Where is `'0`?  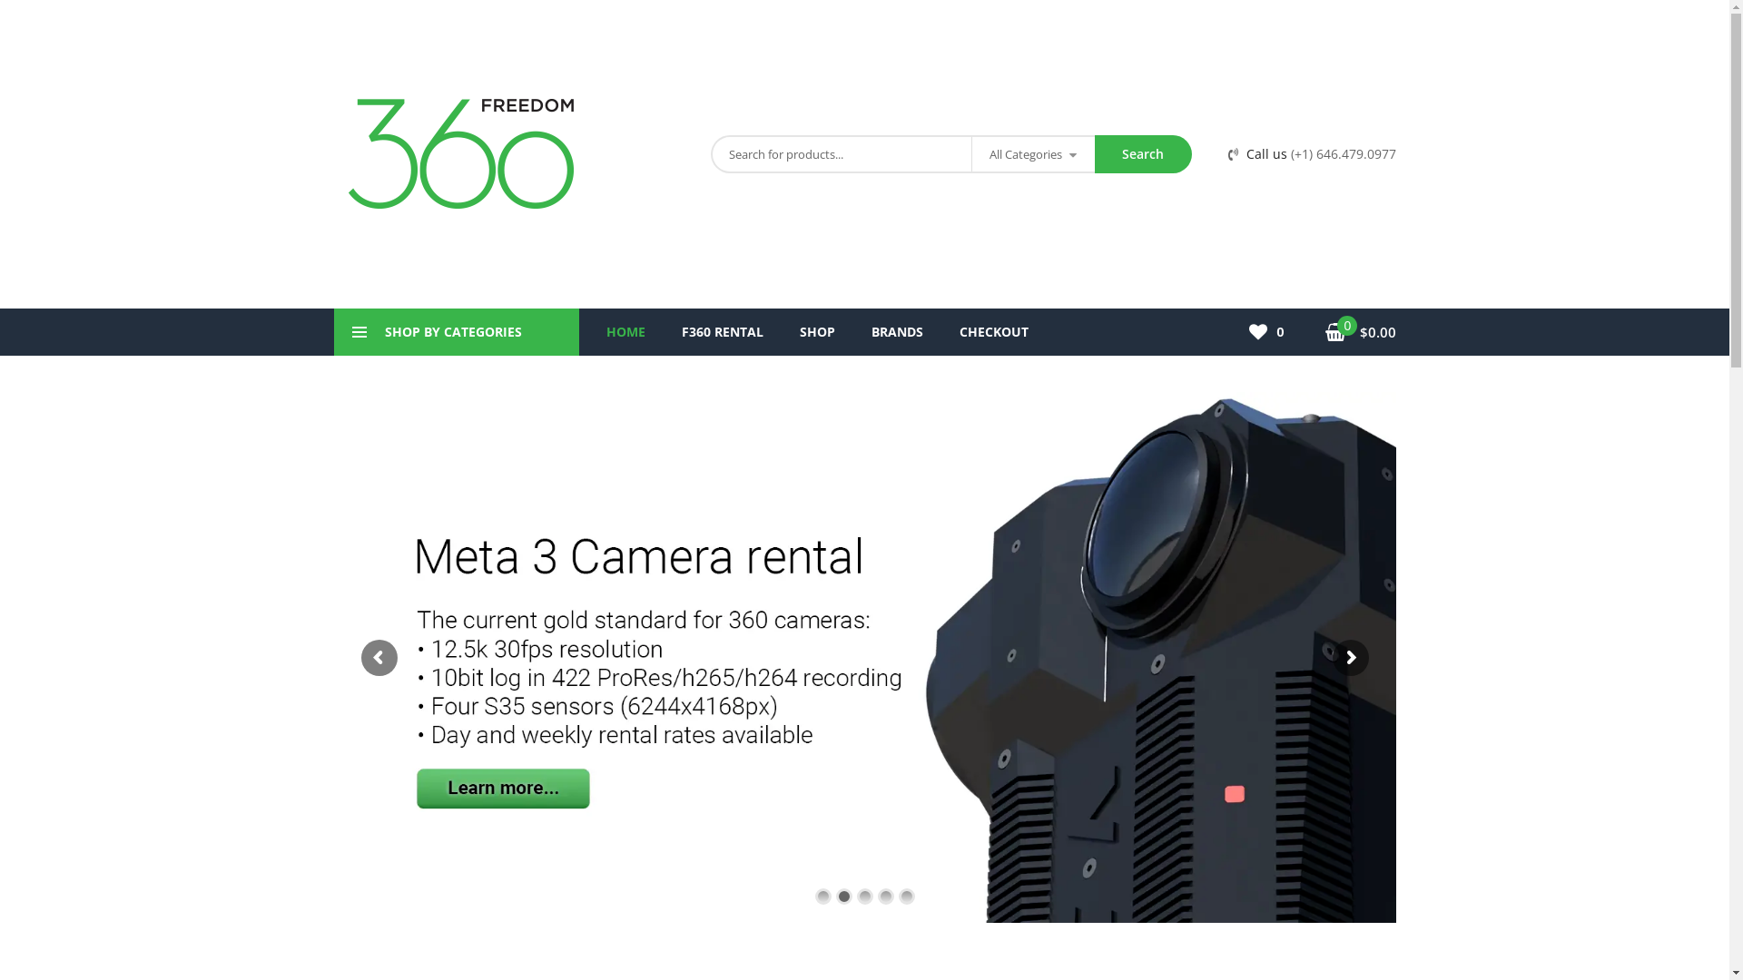
'0 is located at coordinates (1360, 332).